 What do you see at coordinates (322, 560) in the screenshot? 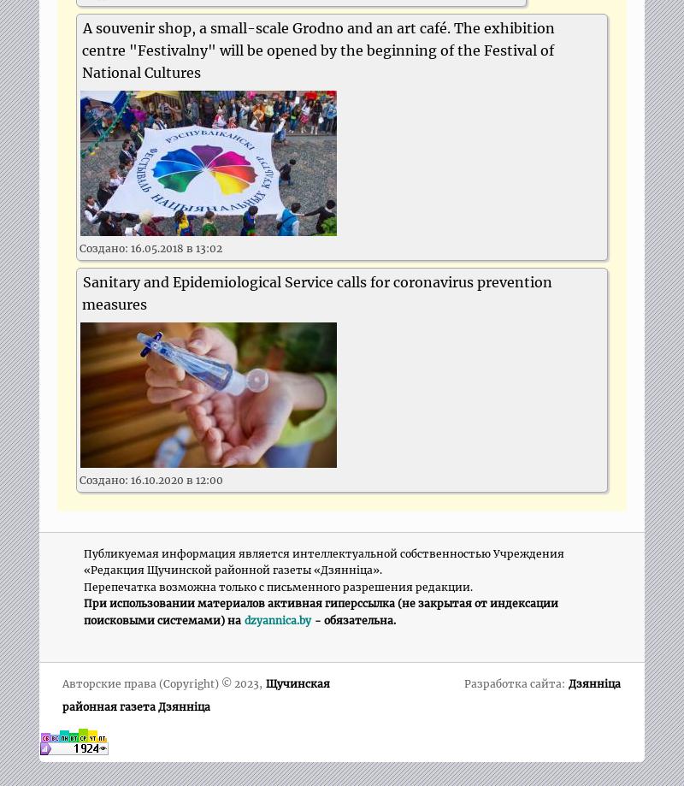
I see `'Публикуемая информация является интеллектуальной собственностью Учреждения «Редакция Щучинской районной газеты «Дзяннiца».'` at bounding box center [322, 560].